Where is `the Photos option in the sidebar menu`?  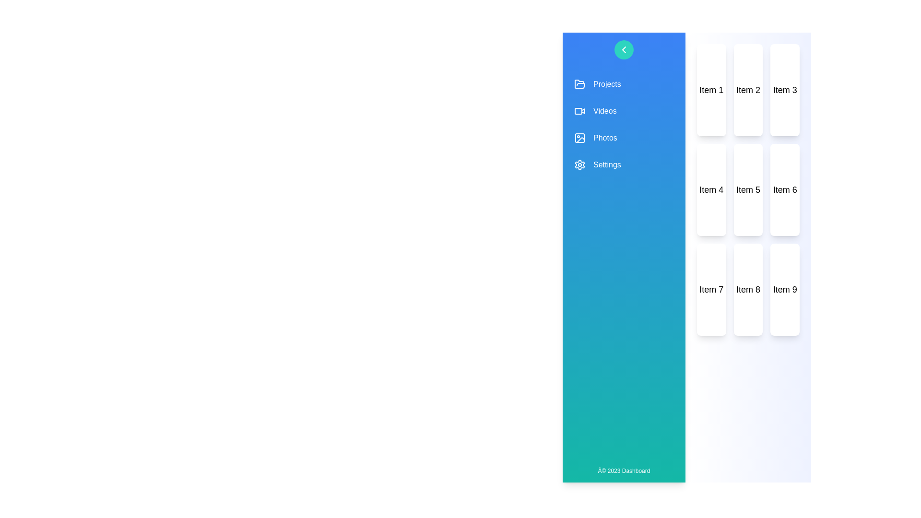
the Photos option in the sidebar menu is located at coordinates (624, 138).